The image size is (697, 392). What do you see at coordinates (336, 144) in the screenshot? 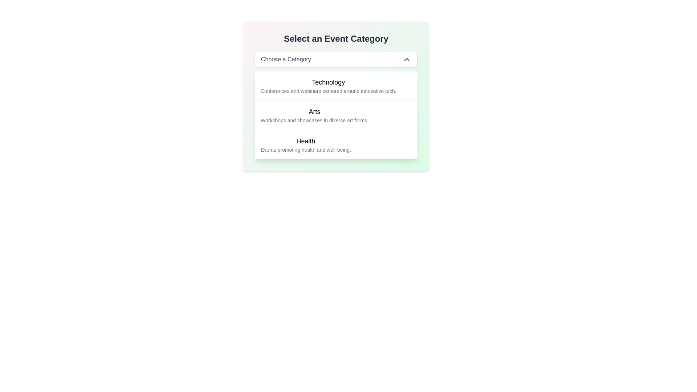
I see `the 'Health' selectable list item in the dropdown menu titled 'Select an Event Category'` at bounding box center [336, 144].